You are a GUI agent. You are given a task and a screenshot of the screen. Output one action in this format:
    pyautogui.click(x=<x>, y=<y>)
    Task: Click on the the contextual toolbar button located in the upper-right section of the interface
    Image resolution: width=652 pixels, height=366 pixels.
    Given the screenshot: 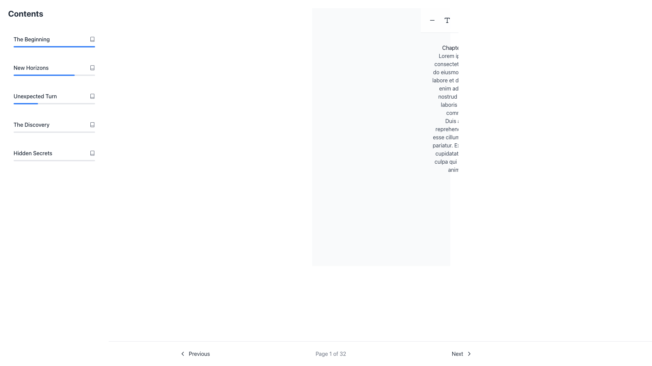 What is the action you would take?
    pyautogui.click(x=494, y=20)
    